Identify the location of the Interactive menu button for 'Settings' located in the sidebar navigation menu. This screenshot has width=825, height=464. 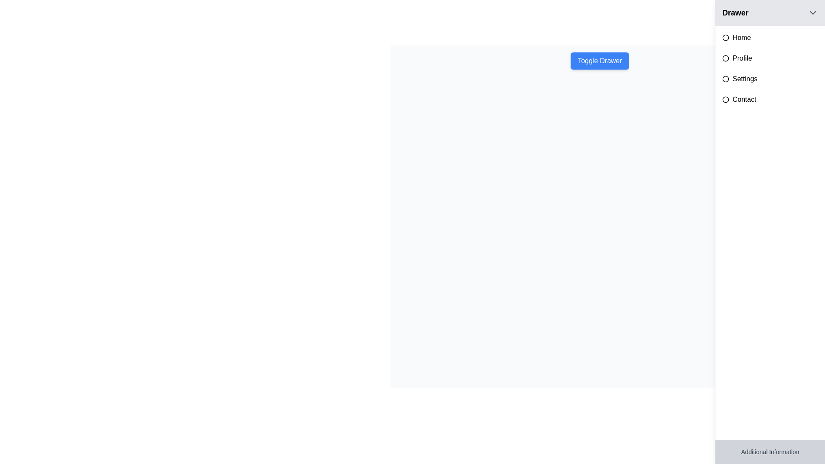
(770, 79).